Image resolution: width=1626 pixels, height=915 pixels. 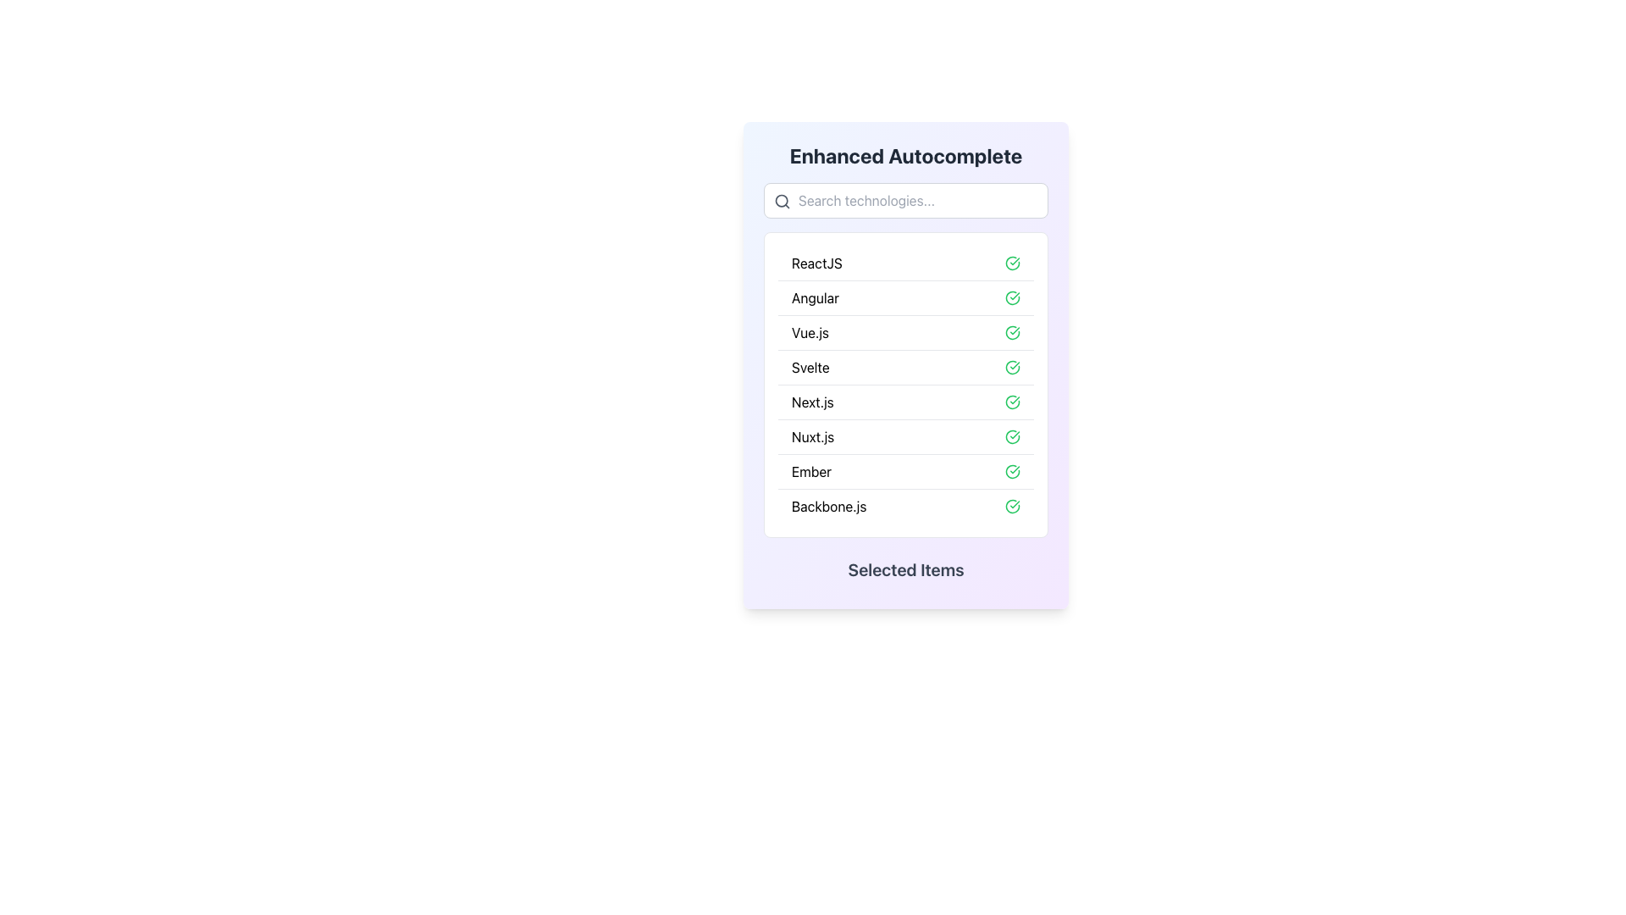 What do you see at coordinates (905, 263) in the screenshot?
I see `the first list item representing the 'ReactJS' technology` at bounding box center [905, 263].